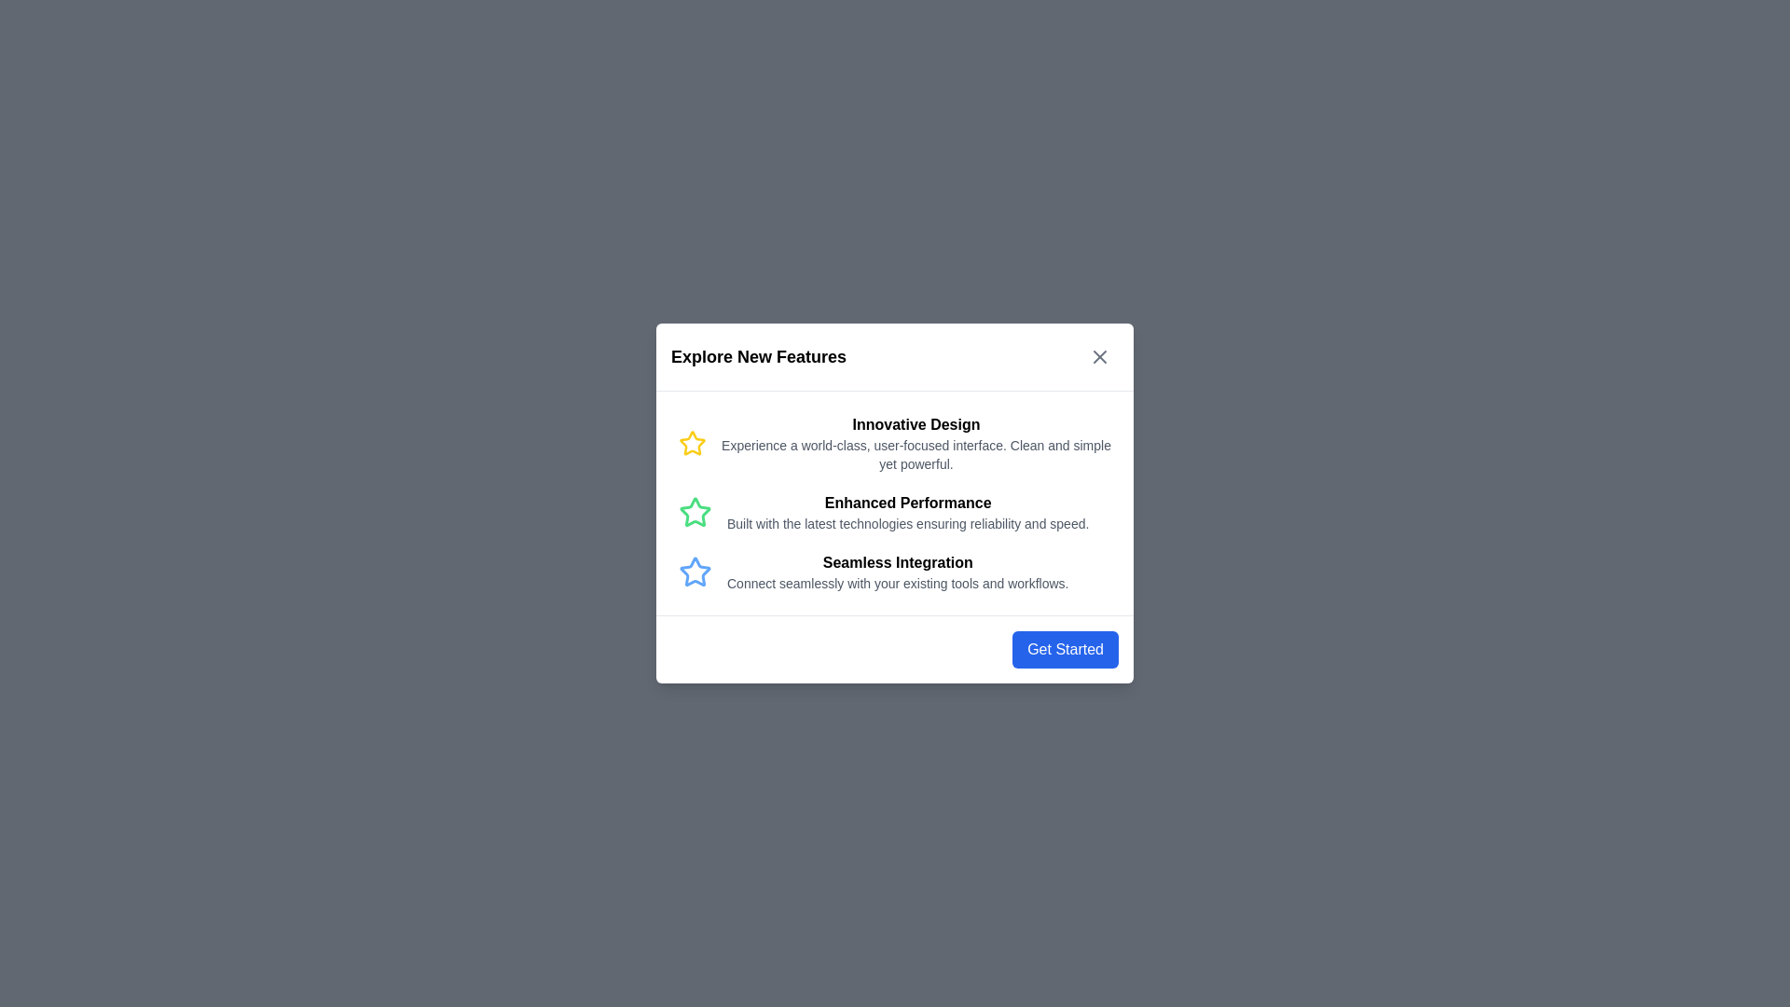 Image resolution: width=1790 pixels, height=1007 pixels. I want to click on the title text label at the top of the modal window, which indicates the purpose of the content below it, so click(759, 356).